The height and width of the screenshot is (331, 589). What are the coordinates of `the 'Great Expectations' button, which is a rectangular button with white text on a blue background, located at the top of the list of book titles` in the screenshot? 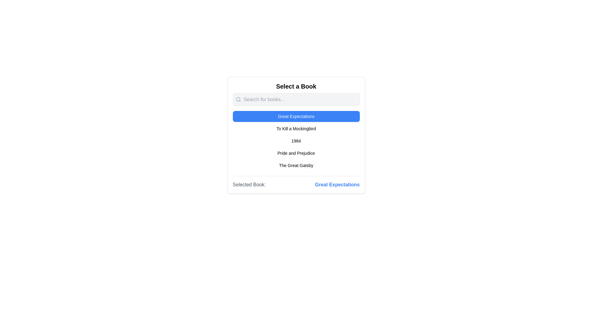 It's located at (296, 116).